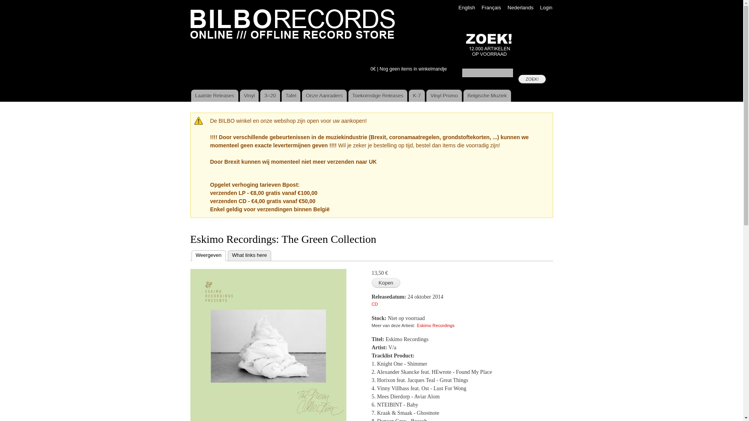  Describe the element at coordinates (249, 95) in the screenshot. I see `'Vinyl'` at that location.